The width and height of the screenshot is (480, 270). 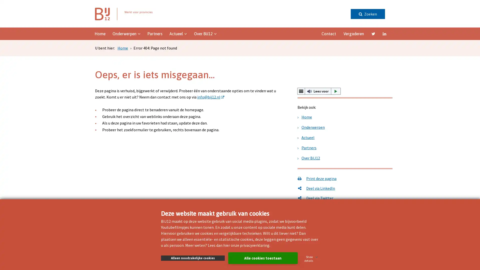 I want to click on ReadSpeaker webReader: Luister met webReader, so click(x=319, y=91).